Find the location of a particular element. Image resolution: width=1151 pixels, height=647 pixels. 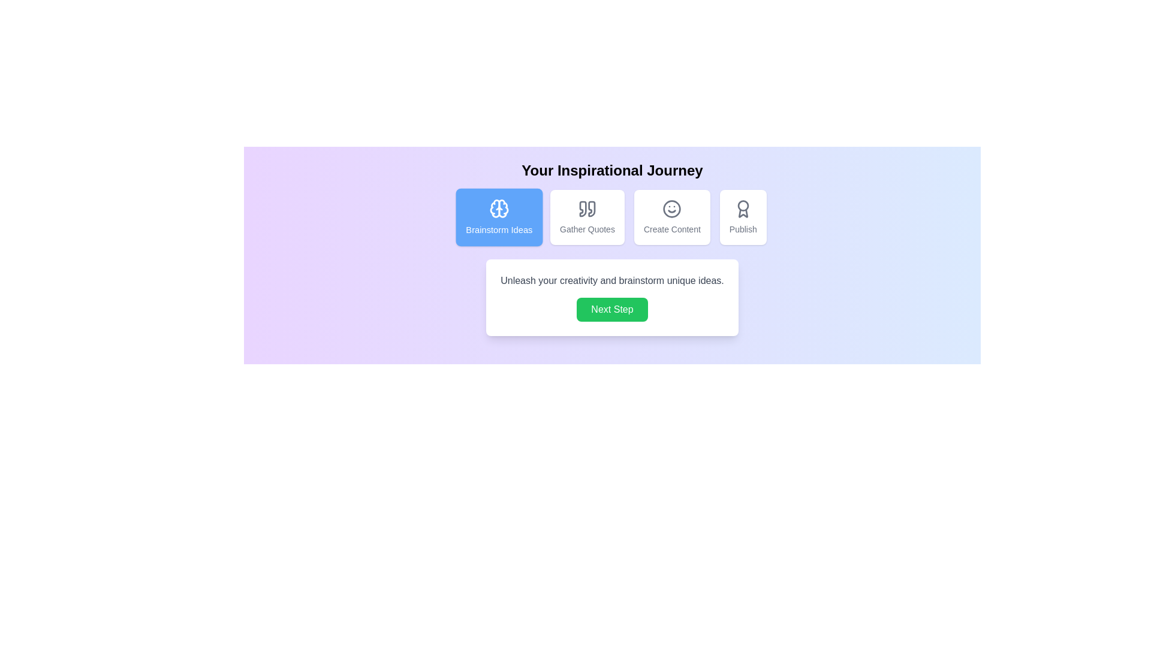

'Next Step' button to proceed to the next step is located at coordinates (612, 309).